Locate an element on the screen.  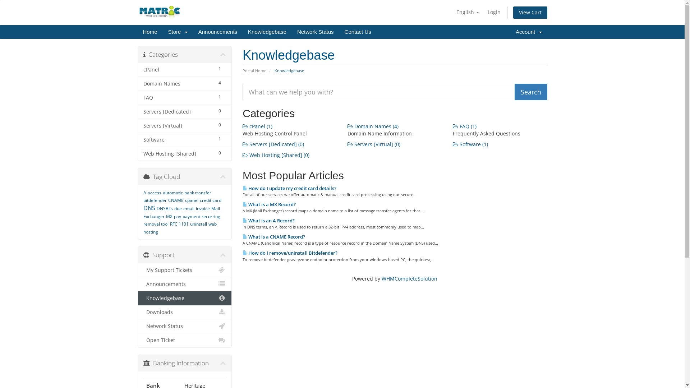
'  Downloads' is located at coordinates (185, 311).